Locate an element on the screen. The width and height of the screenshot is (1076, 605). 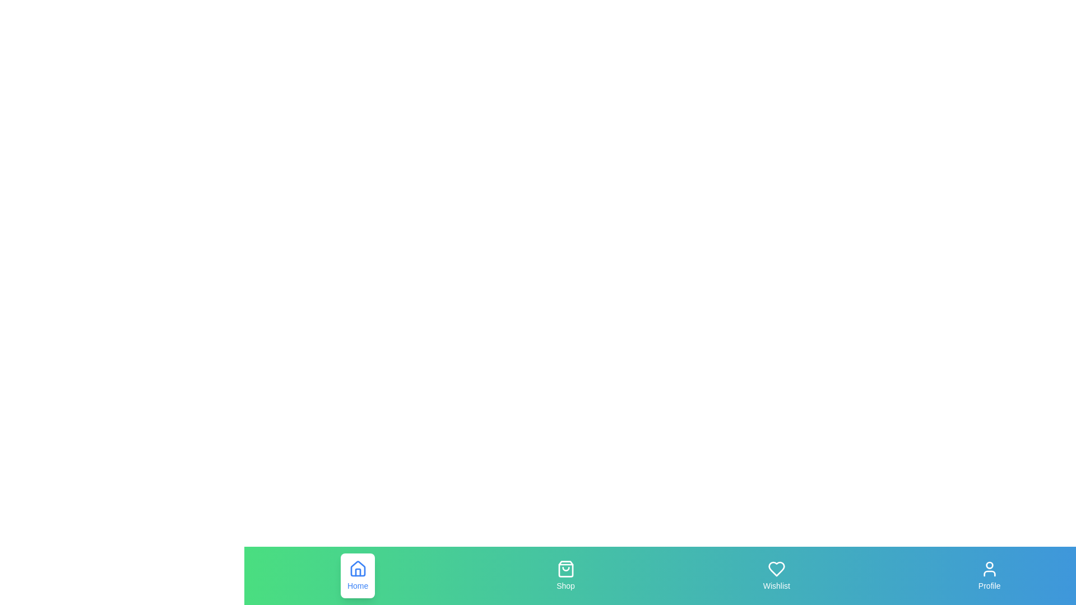
the tab labeled Wishlist to observe the animation effect is located at coordinates (776, 576).